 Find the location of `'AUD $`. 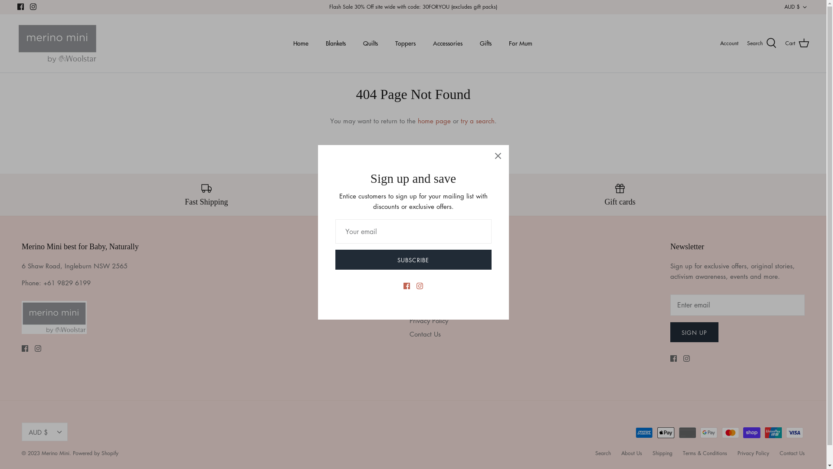

'AUD $ is located at coordinates (797, 7).